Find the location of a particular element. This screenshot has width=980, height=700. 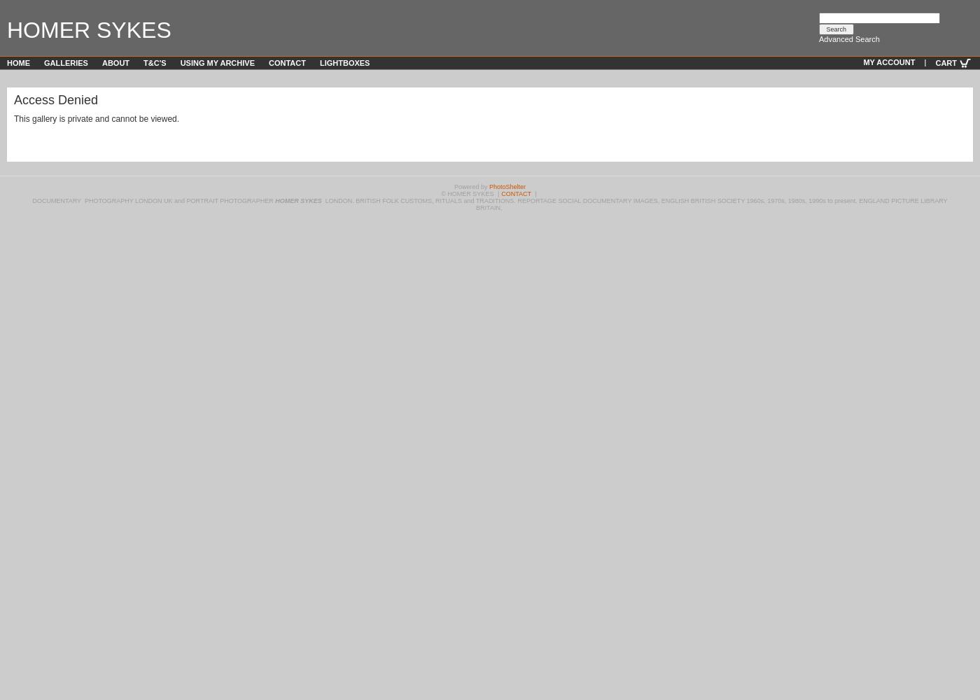

'Access Denied' is located at coordinates (55, 100).